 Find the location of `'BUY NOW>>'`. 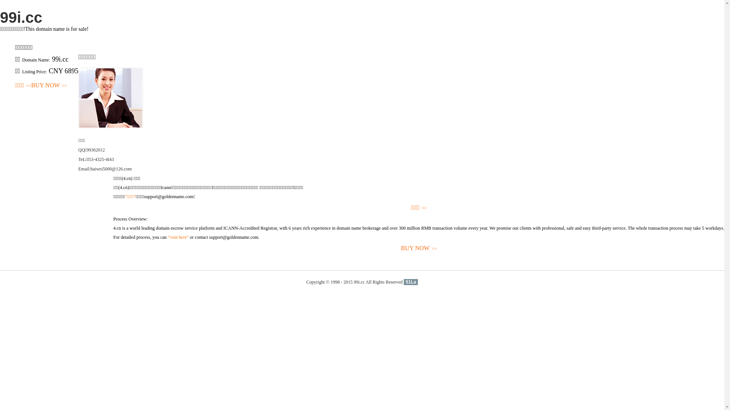

'BUY NOW>>' is located at coordinates (49, 85).